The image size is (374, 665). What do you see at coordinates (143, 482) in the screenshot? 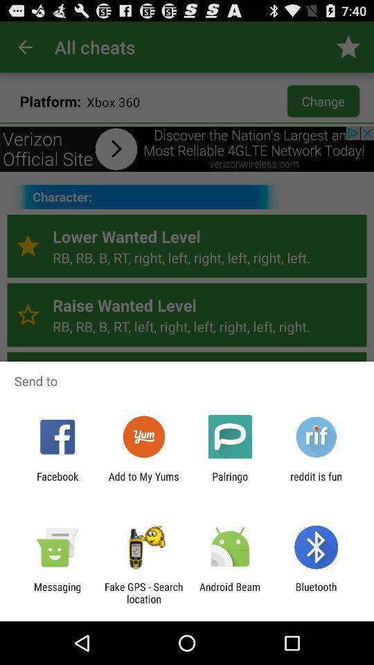
I see `app next to the palringo item` at bounding box center [143, 482].